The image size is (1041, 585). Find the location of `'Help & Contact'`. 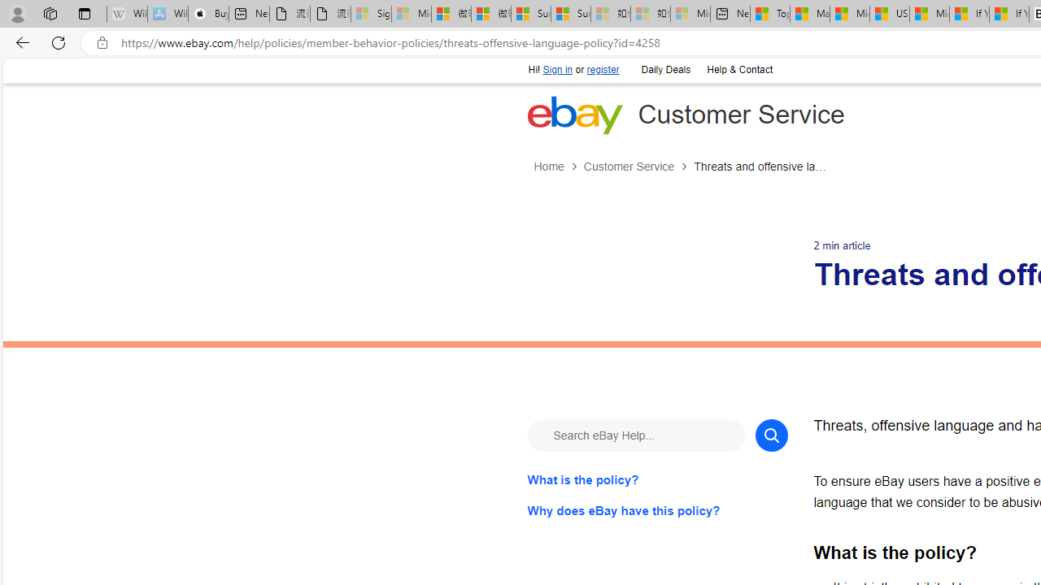

'Help & Contact' is located at coordinates (738, 70).